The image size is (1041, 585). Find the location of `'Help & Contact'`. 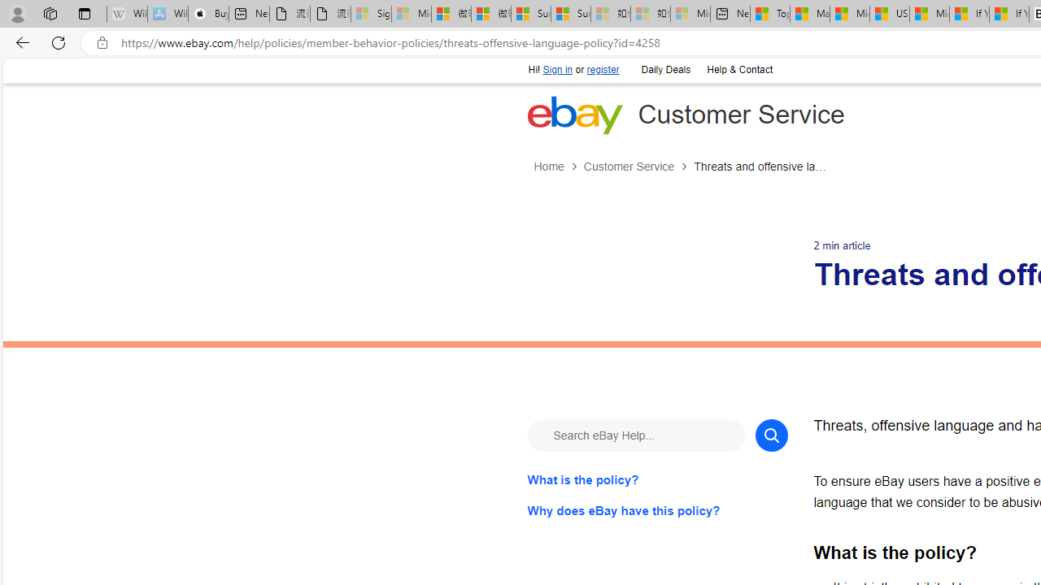

'Help & Contact' is located at coordinates (738, 70).